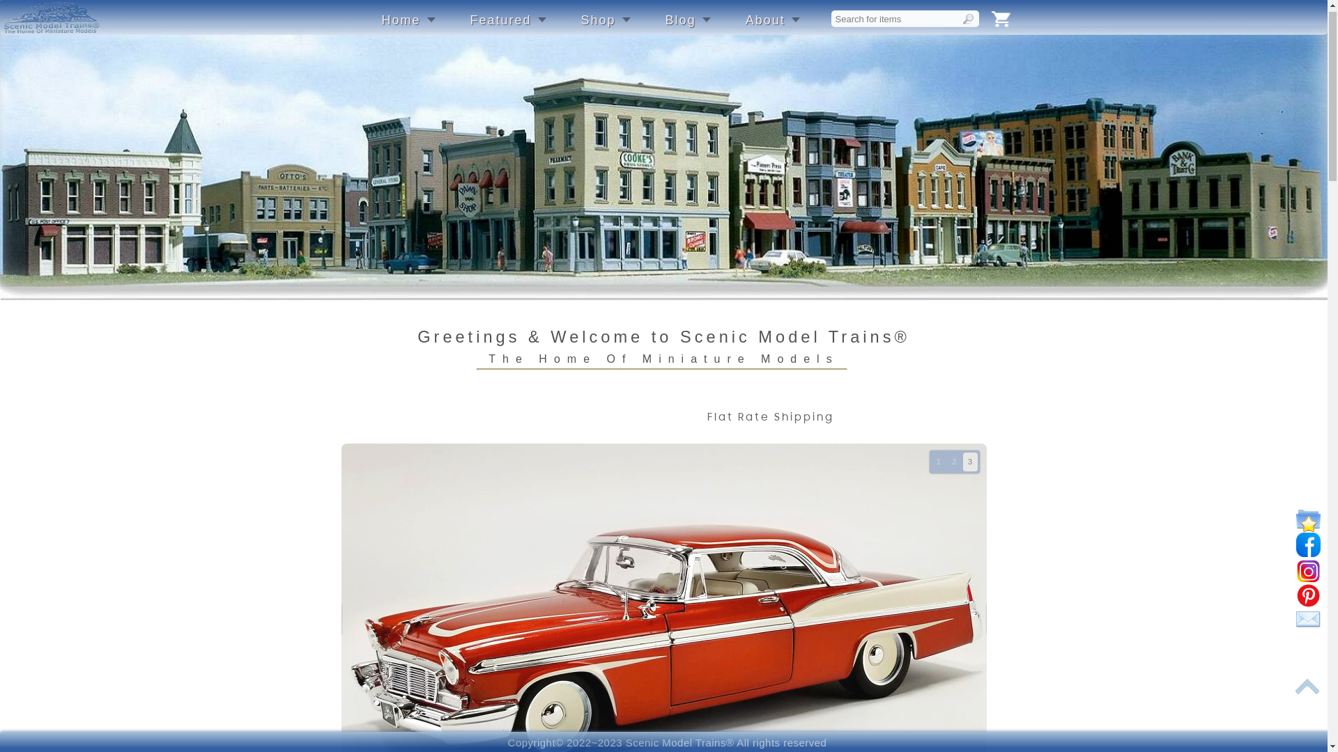 This screenshot has width=1338, height=752. Describe the element at coordinates (1307, 693) in the screenshot. I see `'Go to Top of the Page'` at that location.